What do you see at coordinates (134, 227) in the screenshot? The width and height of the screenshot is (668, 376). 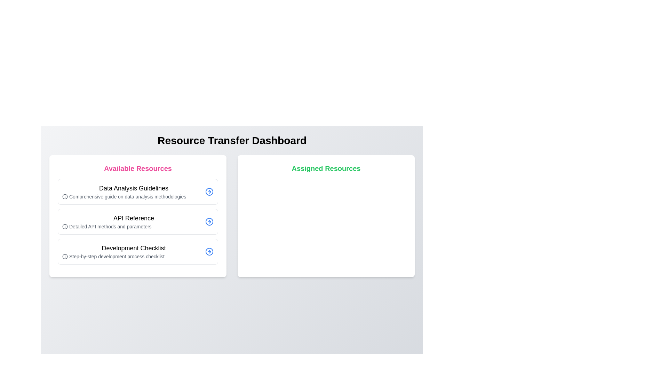 I see `the text section displaying 'Detailed API methods and parameters' with an icon, located directly below the 'API Reference' header in the 'Available Resources' card on the Resource Transfer Dashboard` at bounding box center [134, 227].